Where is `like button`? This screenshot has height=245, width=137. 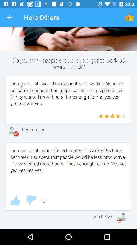
like button is located at coordinates (15, 200).